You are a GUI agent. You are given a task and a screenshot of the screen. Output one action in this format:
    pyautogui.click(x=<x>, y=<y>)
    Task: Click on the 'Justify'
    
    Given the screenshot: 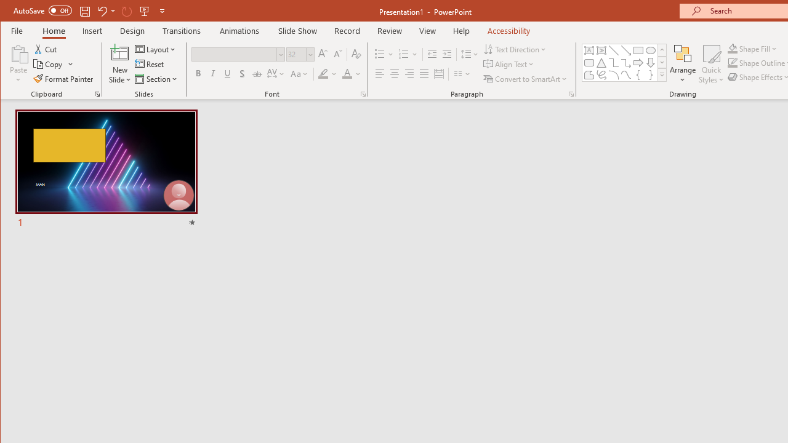 What is the action you would take?
    pyautogui.click(x=424, y=74)
    